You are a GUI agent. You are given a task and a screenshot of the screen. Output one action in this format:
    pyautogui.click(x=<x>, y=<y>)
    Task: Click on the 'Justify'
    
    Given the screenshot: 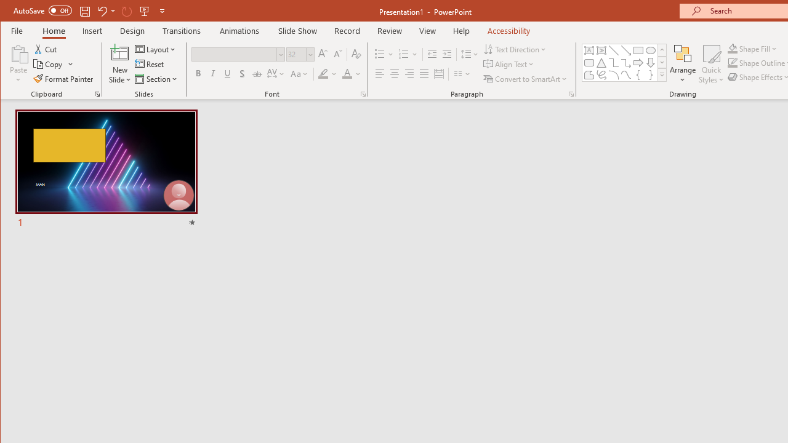 What is the action you would take?
    pyautogui.click(x=424, y=74)
    